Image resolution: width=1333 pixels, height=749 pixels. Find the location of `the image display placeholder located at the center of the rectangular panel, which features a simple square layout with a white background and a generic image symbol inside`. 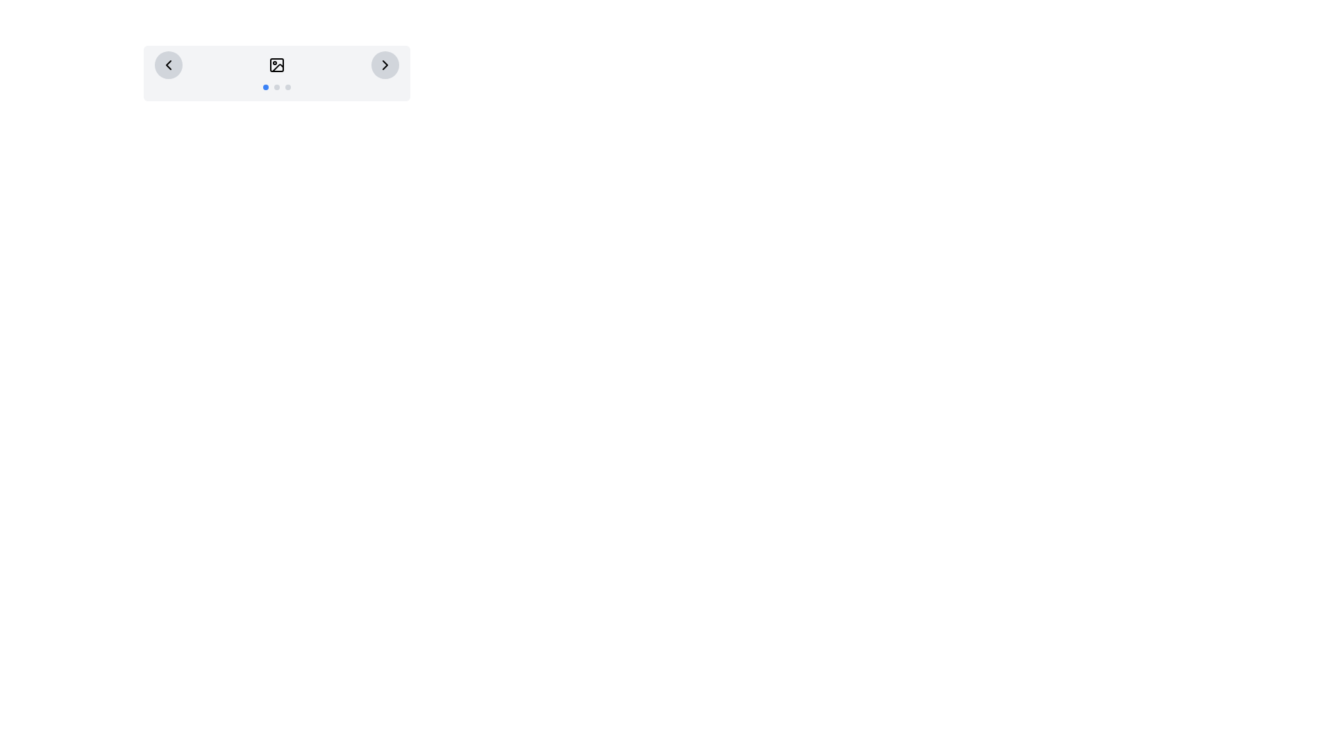

the image display placeholder located at the center of the rectangular panel, which features a simple square layout with a white background and a generic image symbol inside is located at coordinates (276, 64).